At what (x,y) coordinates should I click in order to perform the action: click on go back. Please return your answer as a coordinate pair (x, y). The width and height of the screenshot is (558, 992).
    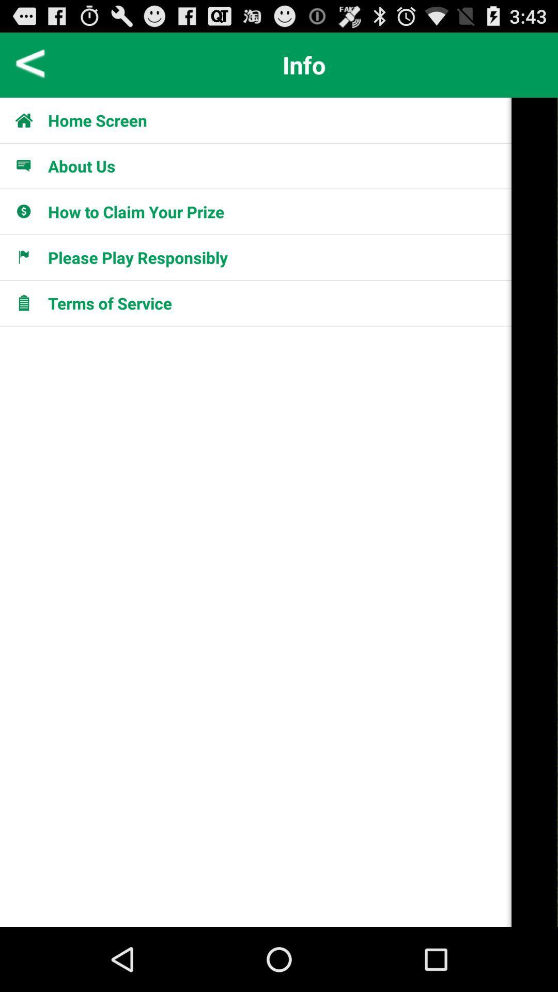
    Looking at the image, I should click on (30, 64).